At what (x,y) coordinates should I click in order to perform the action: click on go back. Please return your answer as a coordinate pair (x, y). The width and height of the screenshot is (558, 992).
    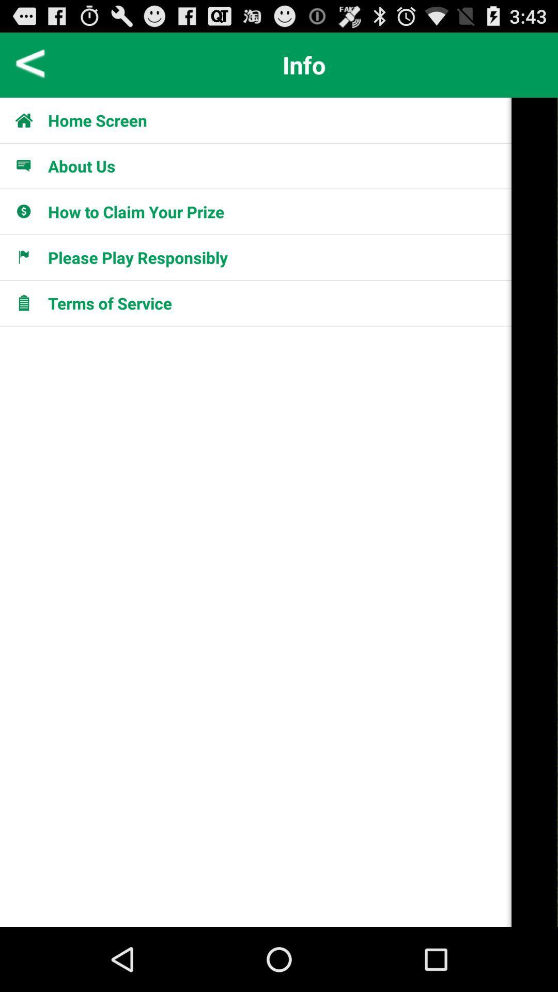
    Looking at the image, I should click on (30, 64).